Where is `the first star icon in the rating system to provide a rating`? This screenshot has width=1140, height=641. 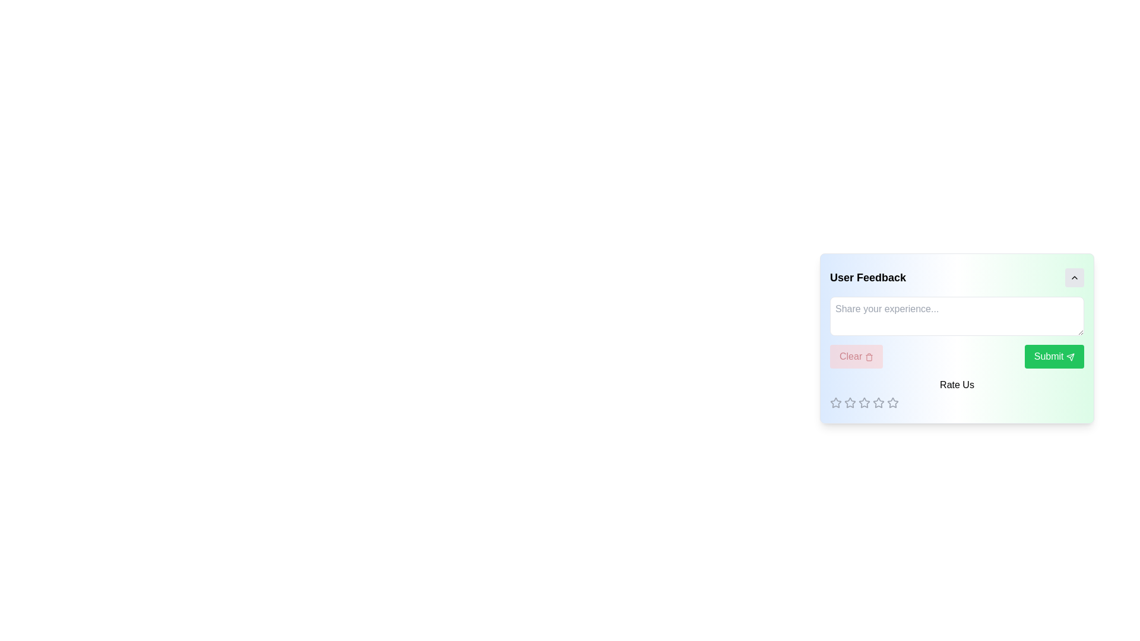
the first star icon in the rating system to provide a rating is located at coordinates (835, 402).